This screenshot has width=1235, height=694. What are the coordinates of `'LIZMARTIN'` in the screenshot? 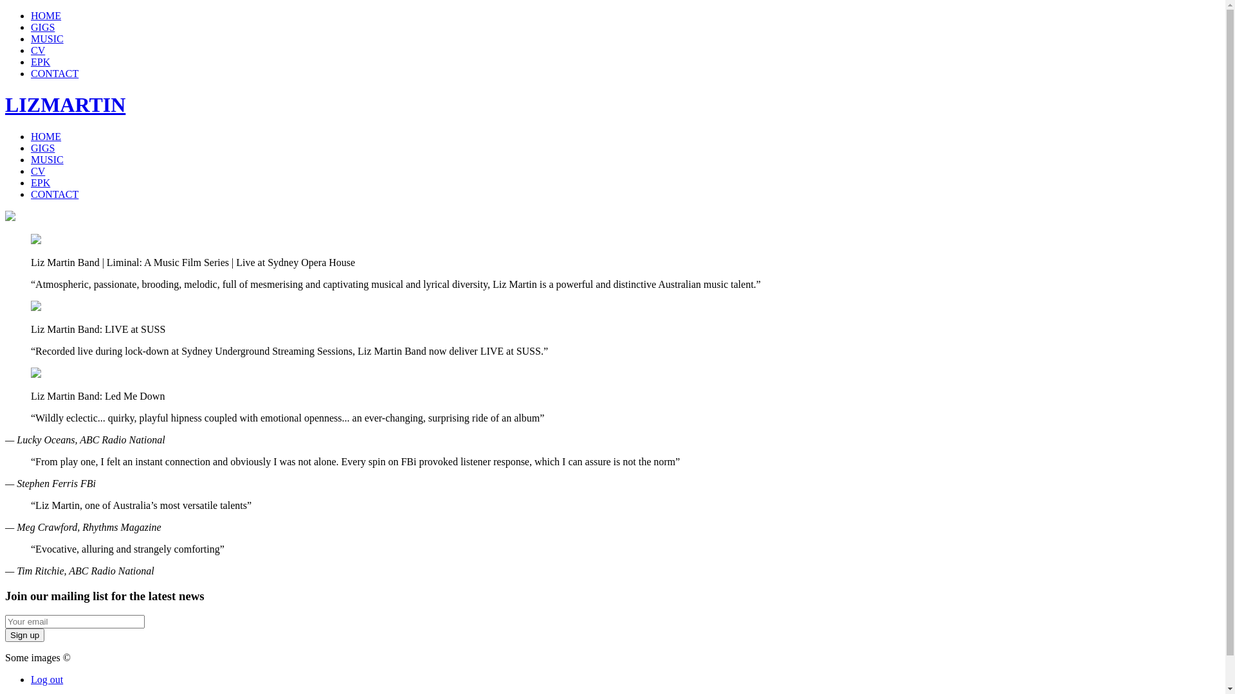 It's located at (64, 103).